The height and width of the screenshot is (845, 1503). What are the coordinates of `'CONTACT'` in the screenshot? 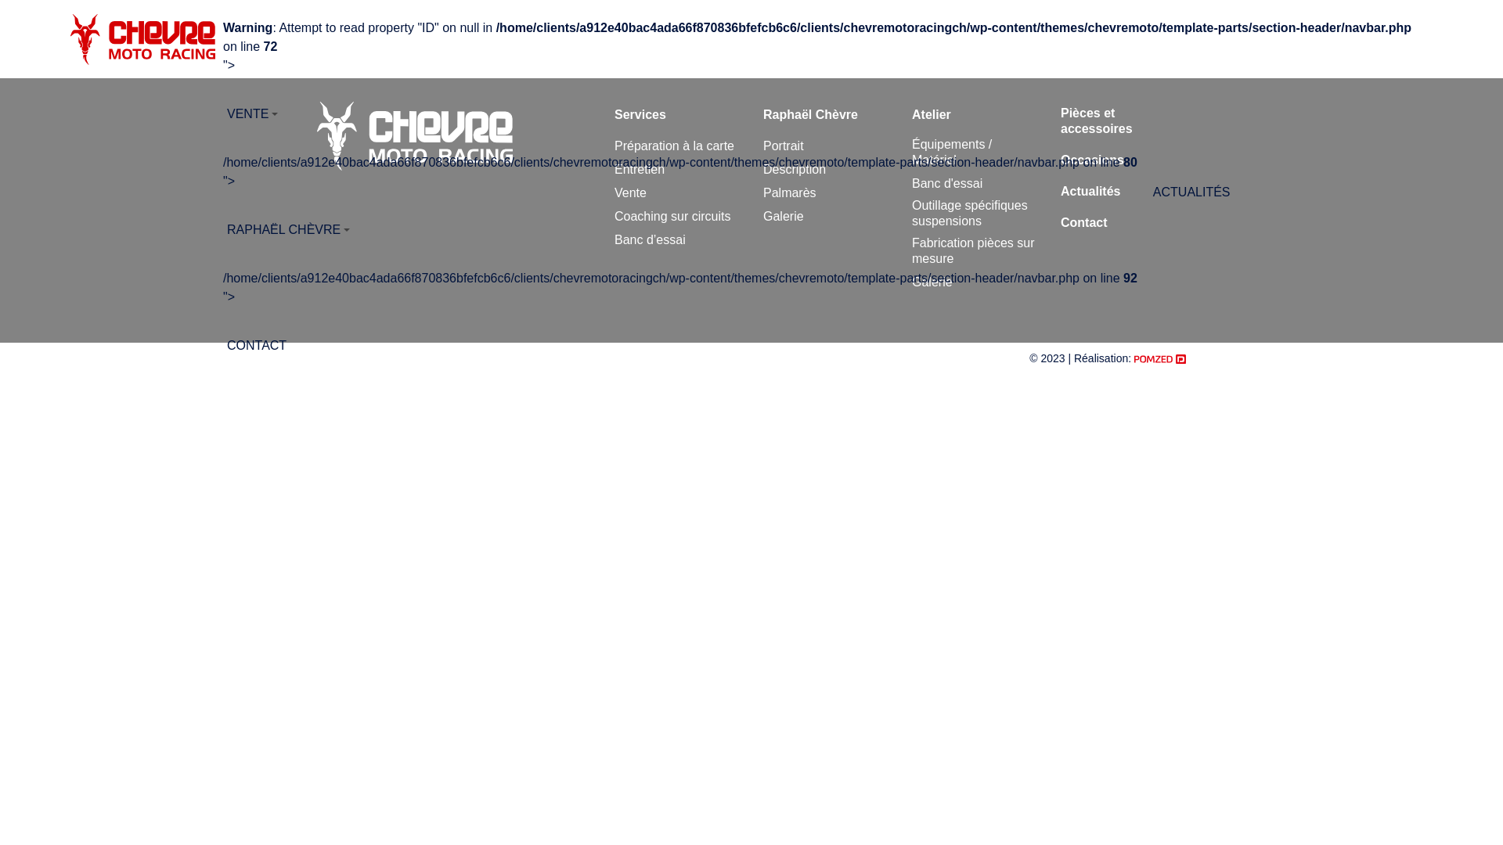 It's located at (222, 345).